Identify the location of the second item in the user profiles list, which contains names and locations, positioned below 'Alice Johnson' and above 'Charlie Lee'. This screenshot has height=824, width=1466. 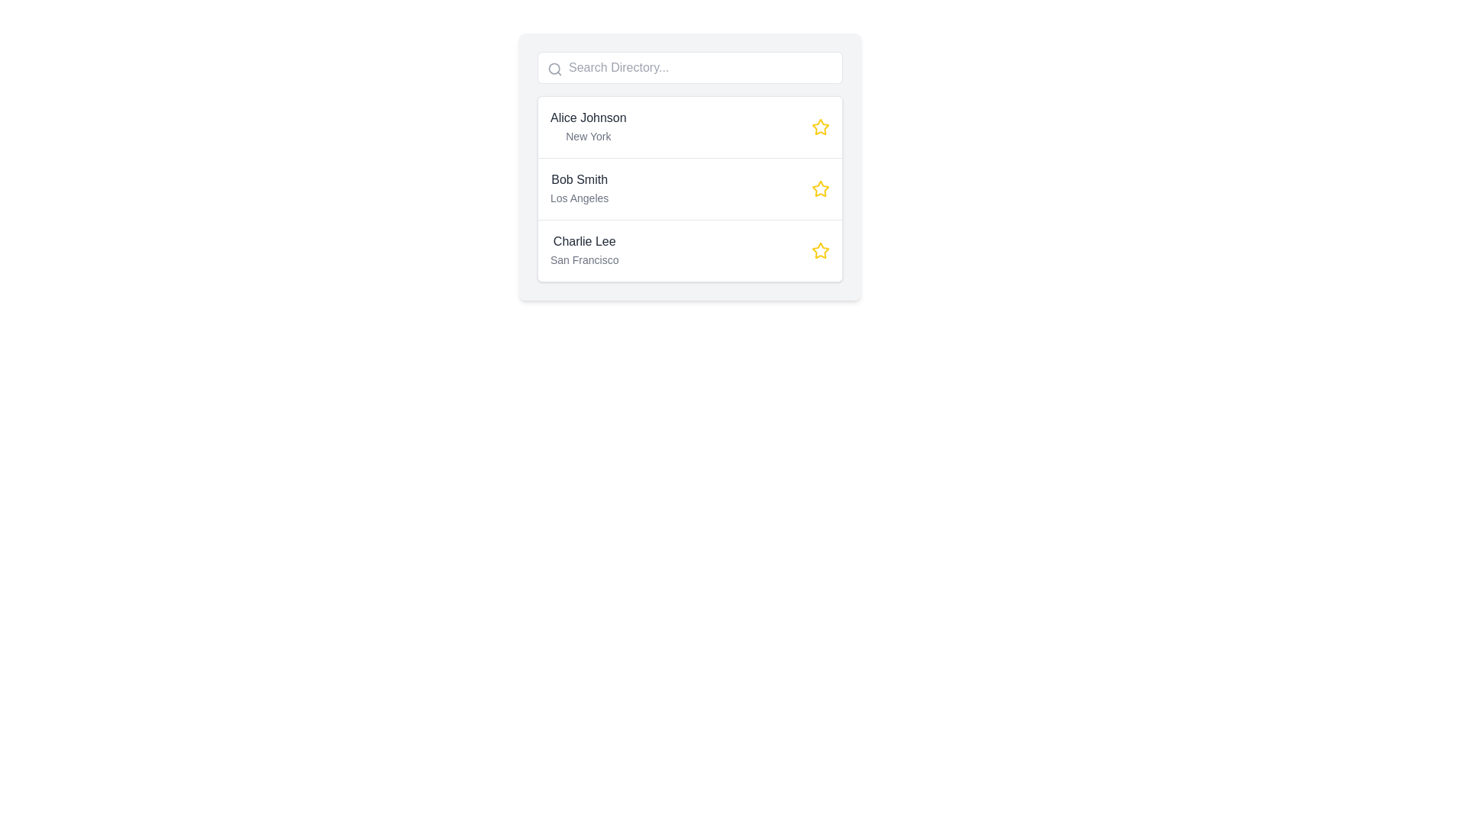
(689, 188).